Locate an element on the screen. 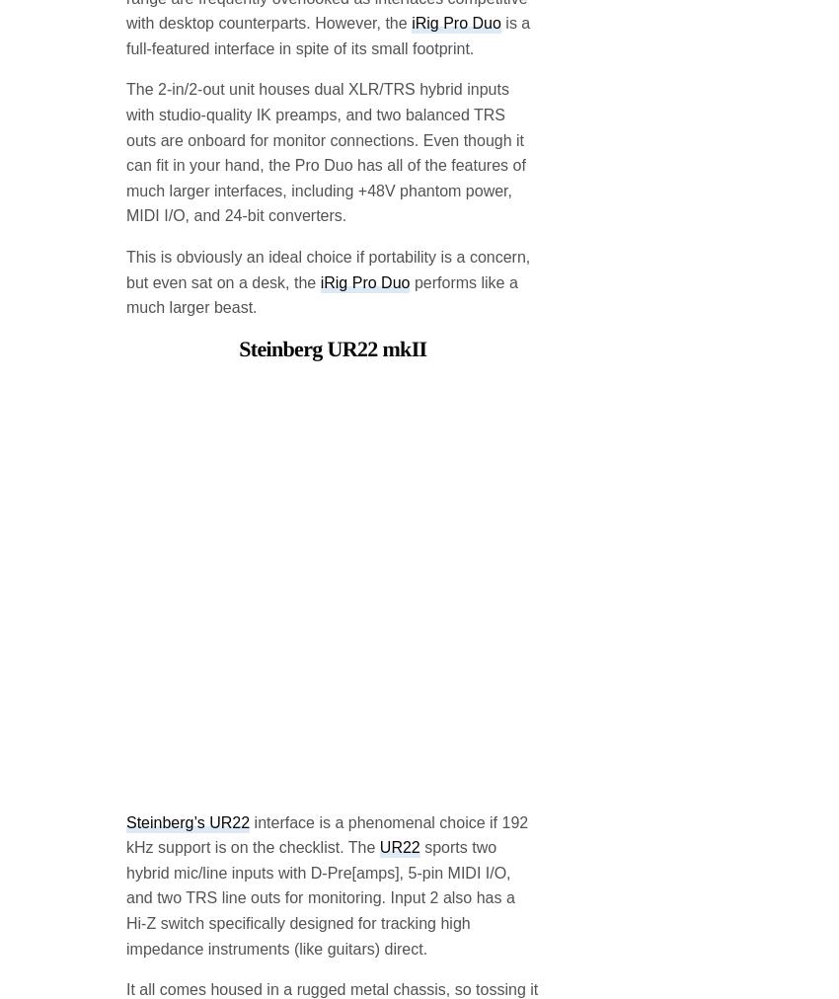  'Focusrite Scarlett 2i2' is located at coordinates (333, 921).